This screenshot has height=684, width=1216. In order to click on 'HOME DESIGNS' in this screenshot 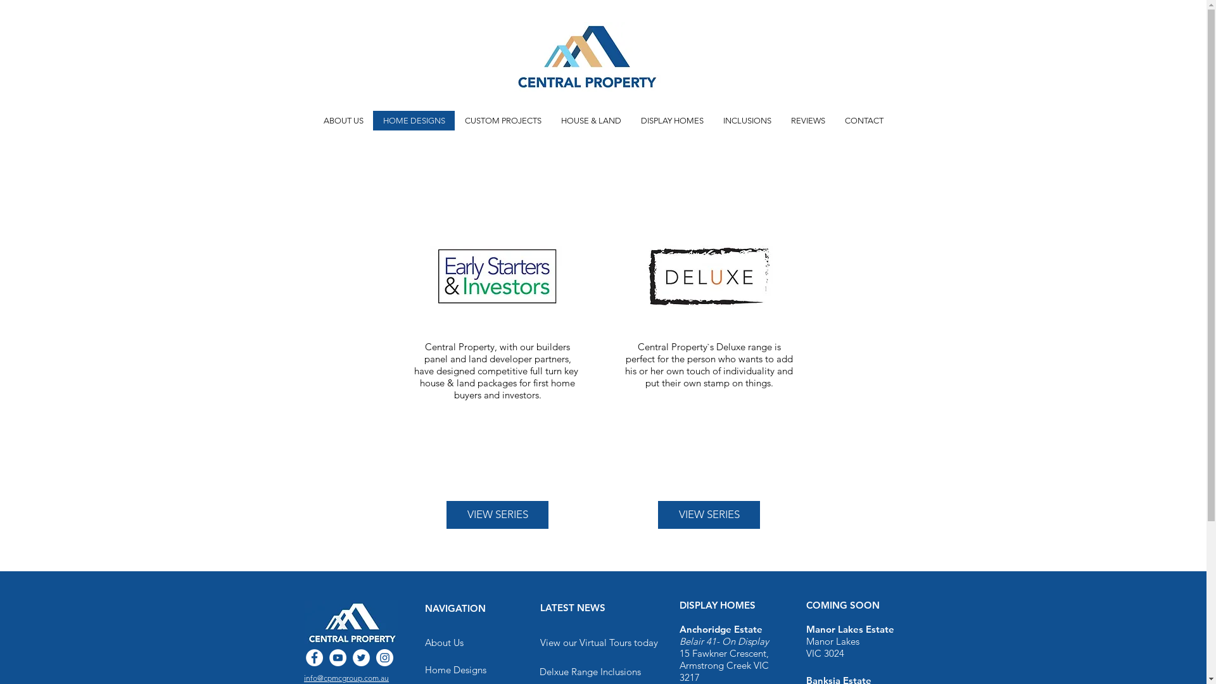, I will do `click(372, 120)`.